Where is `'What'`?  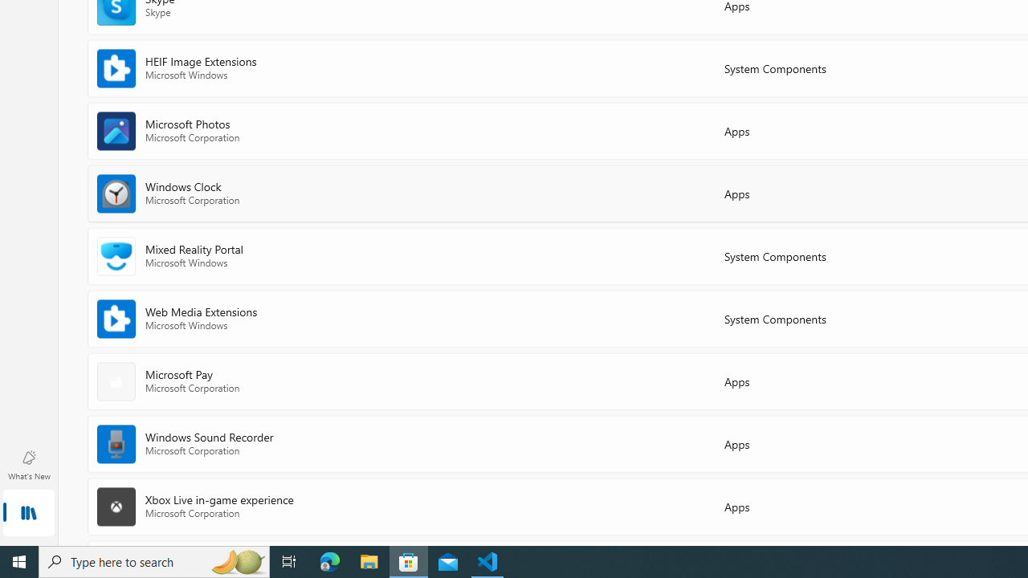
'What' is located at coordinates (28, 464).